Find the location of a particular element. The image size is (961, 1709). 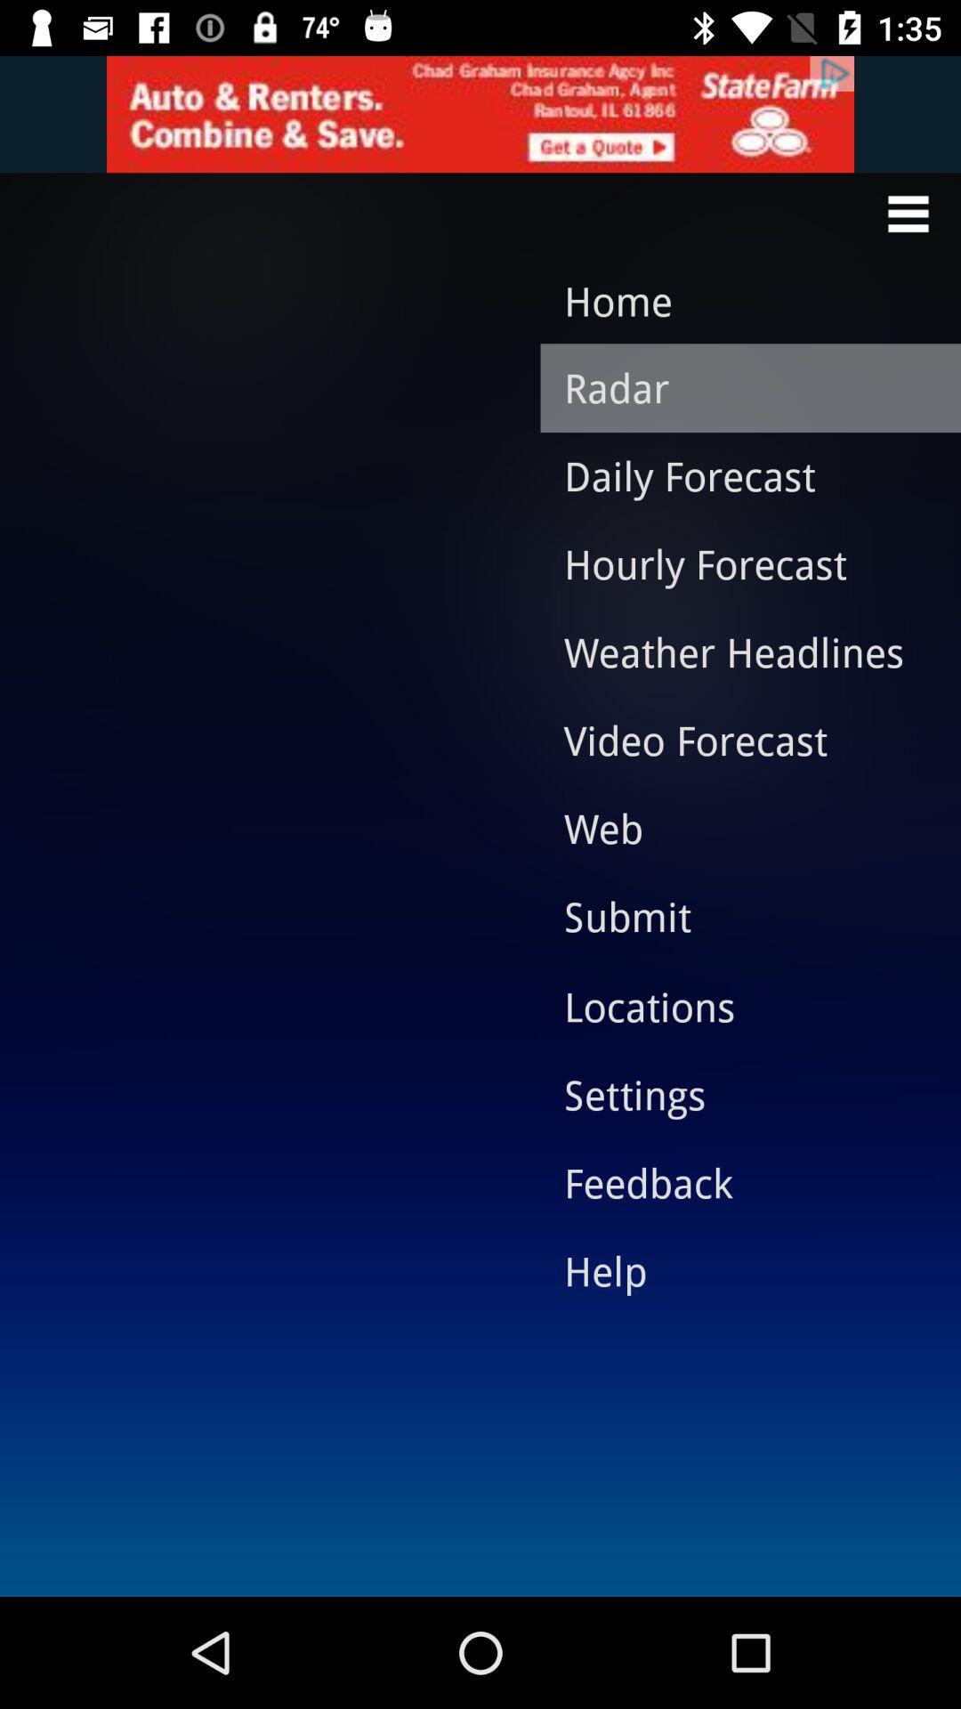

open advertisement for statefarm is located at coordinates (480, 113).